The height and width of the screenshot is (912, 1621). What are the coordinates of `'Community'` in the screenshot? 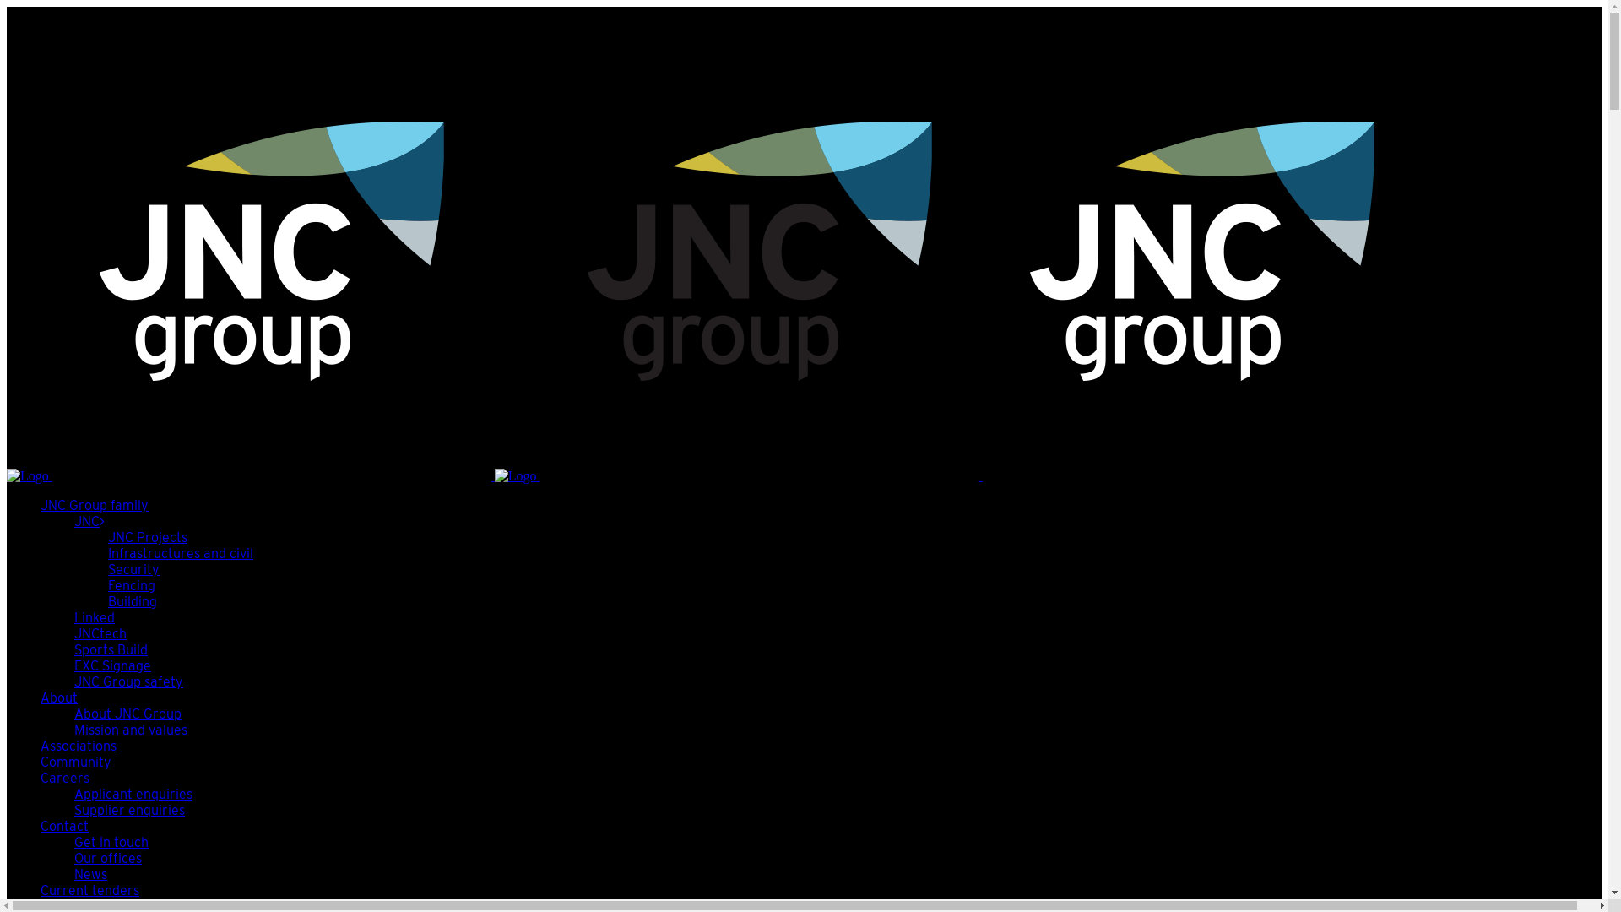 It's located at (75, 762).